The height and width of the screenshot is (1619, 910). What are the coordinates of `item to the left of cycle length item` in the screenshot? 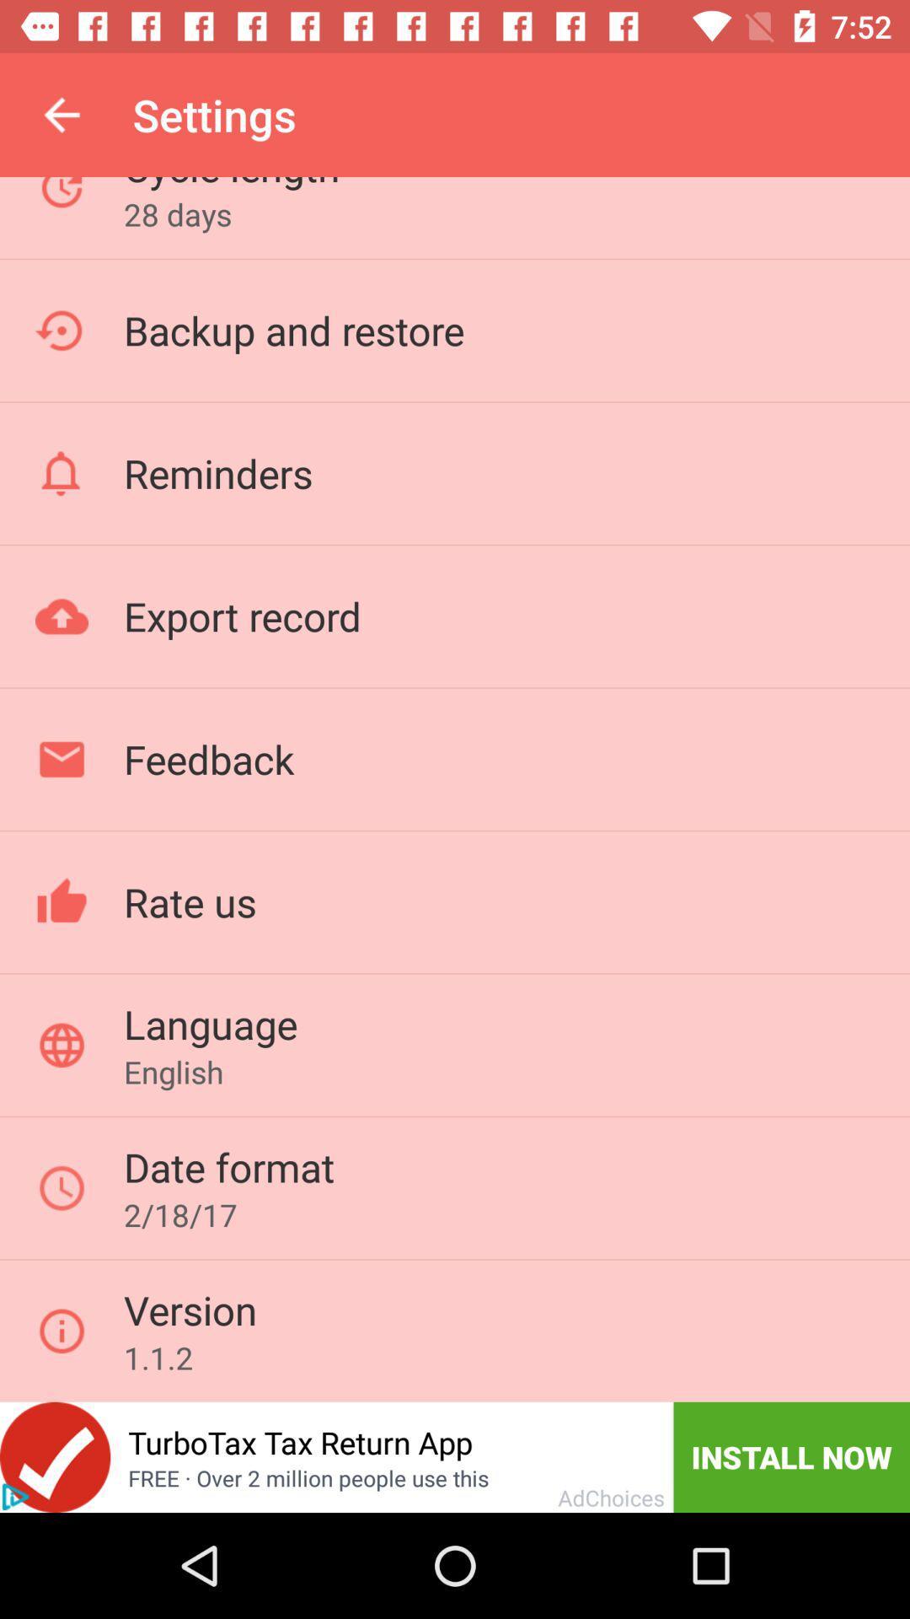 It's located at (61, 114).